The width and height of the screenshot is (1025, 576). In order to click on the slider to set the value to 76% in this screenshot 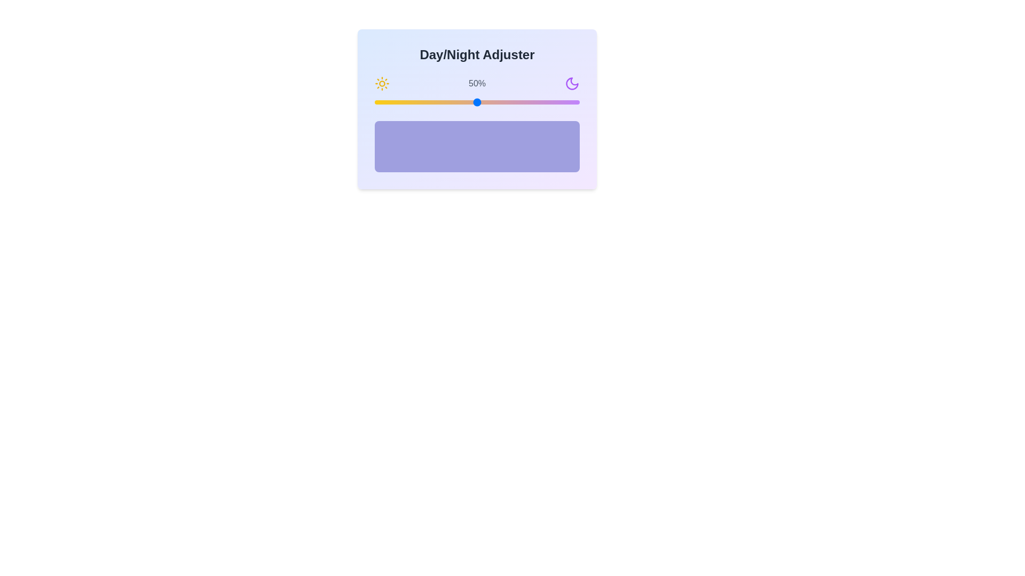, I will do `click(530, 102)`.